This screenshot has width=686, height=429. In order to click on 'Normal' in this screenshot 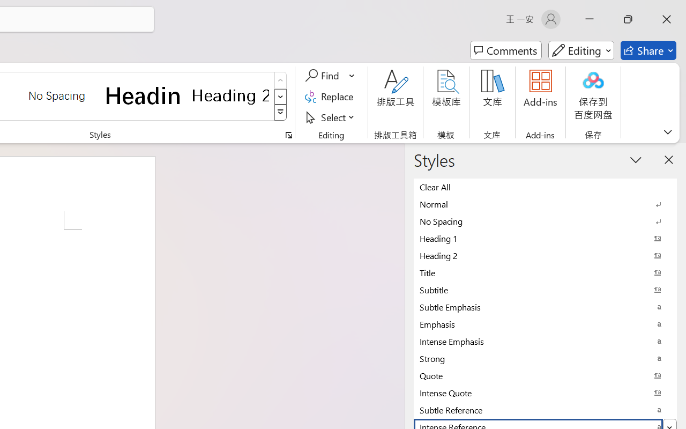, I will do `click(545, 203)`.